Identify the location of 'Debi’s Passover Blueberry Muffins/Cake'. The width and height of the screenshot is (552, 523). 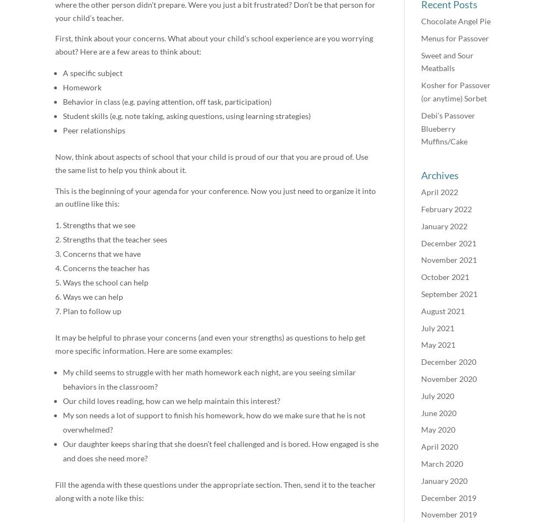
(448, 127).